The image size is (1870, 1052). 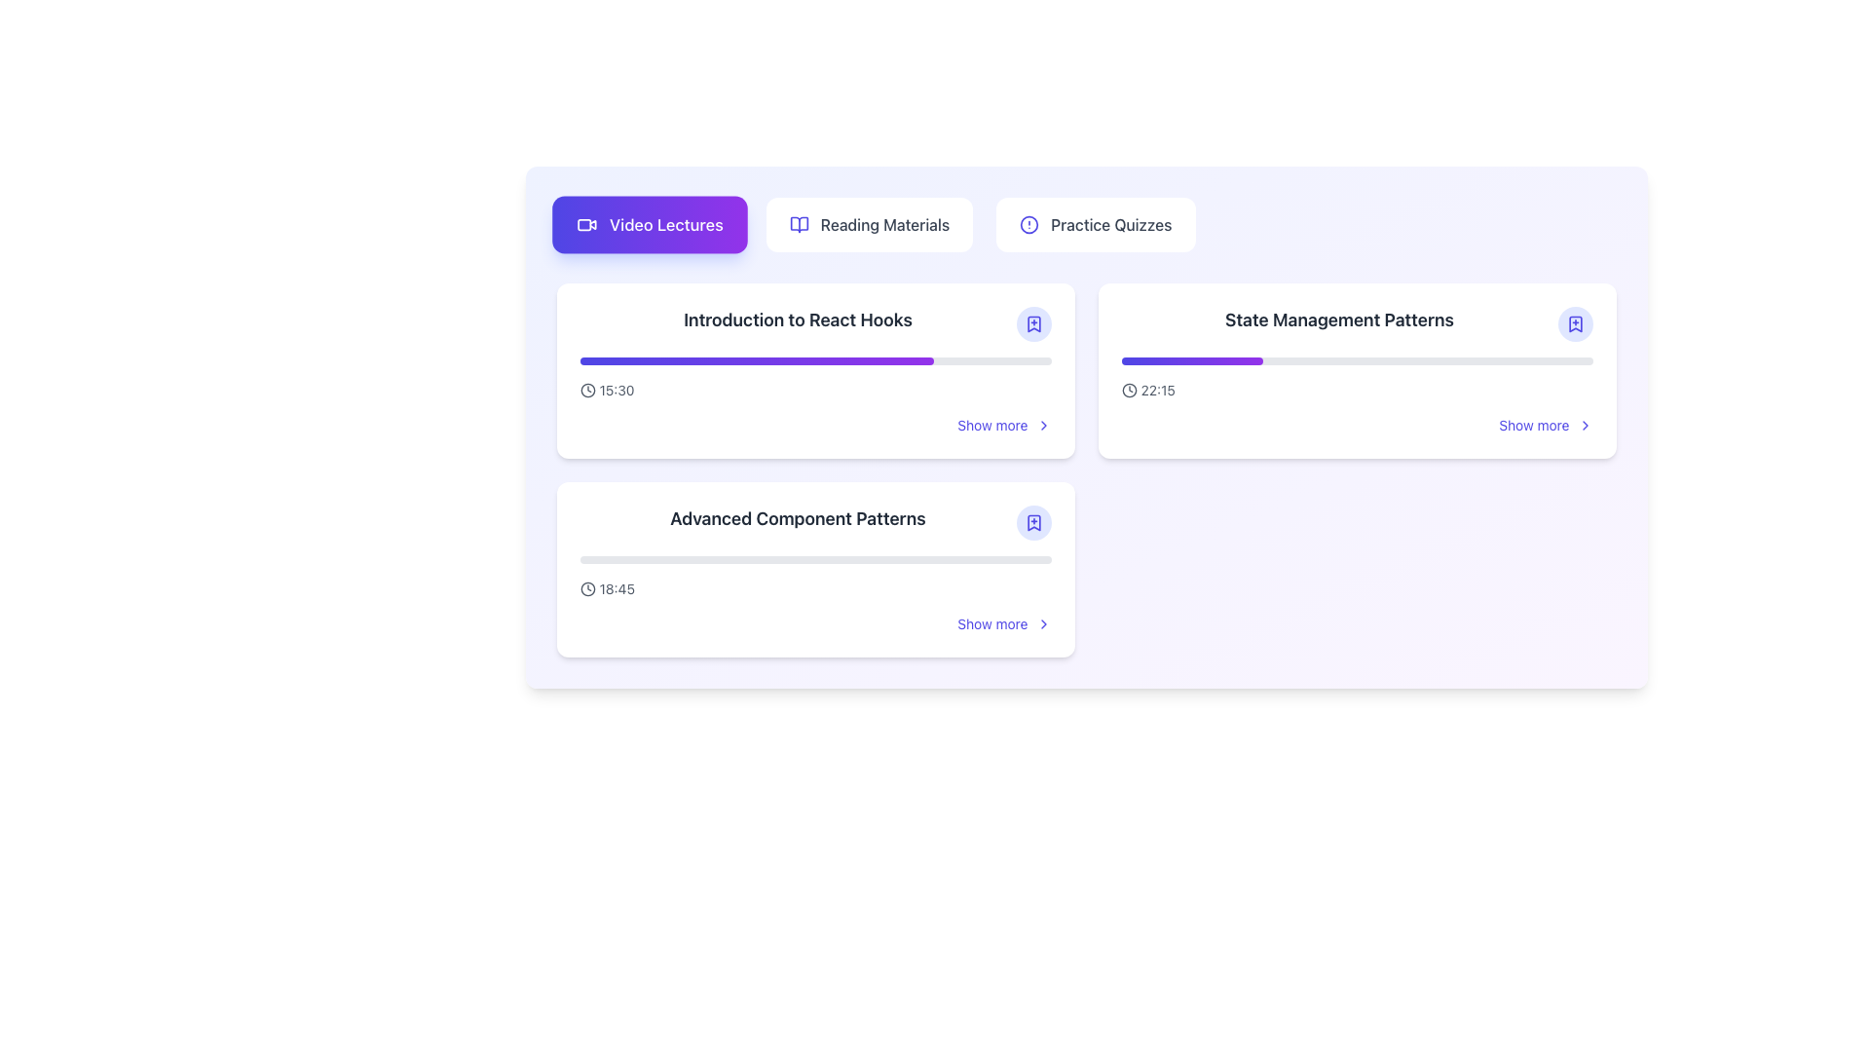 I want to click on the clock icon located on the left of the text '18:45' within the 'Advanced Component Patterns' card, so click(x=586, y=588).